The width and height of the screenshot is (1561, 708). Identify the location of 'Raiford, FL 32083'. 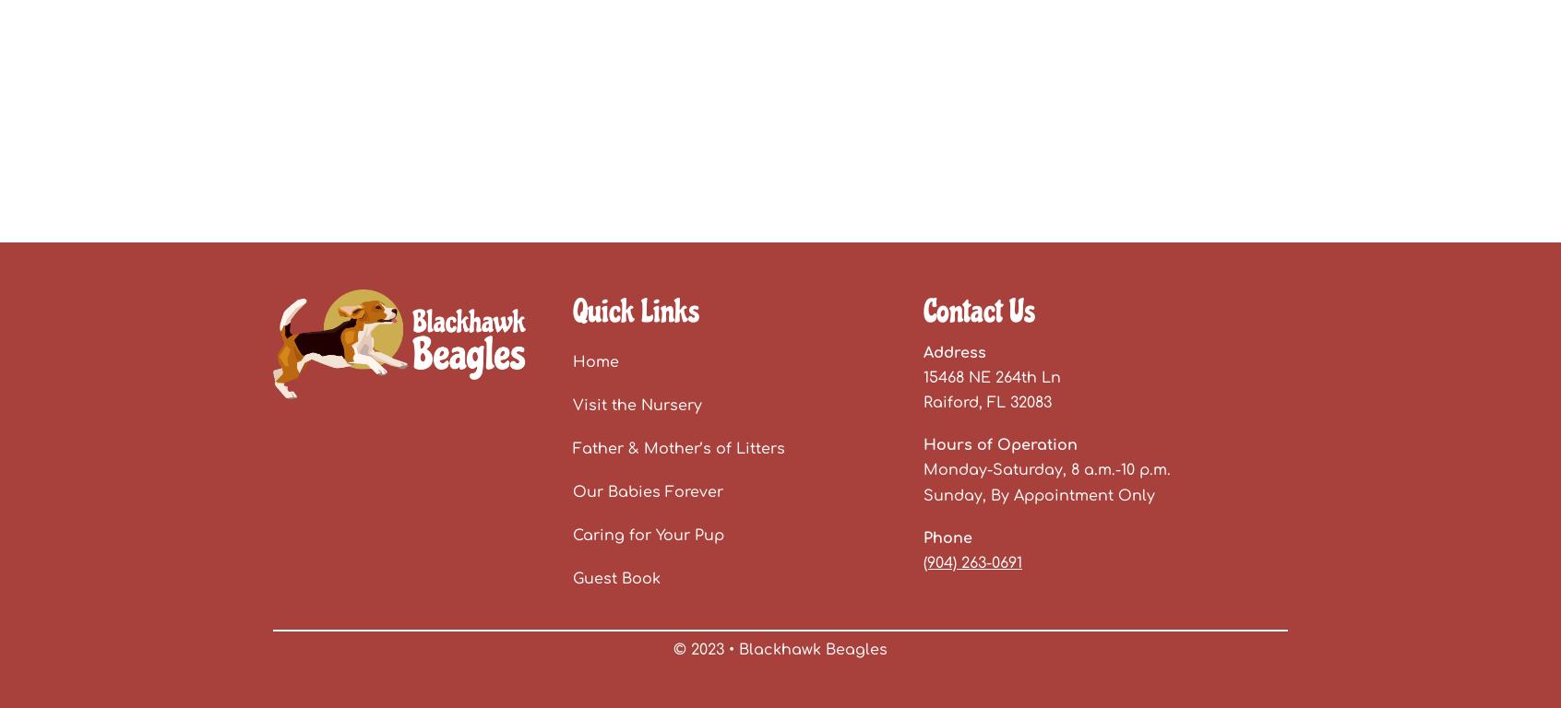
(987, 401).